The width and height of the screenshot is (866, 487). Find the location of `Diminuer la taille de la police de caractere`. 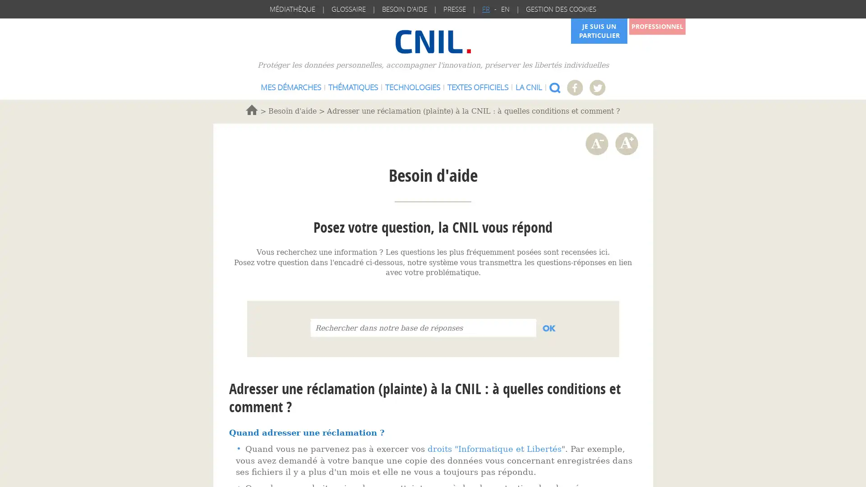

Diminuer la taille de la police de caractere is located at coordinates (596, 143).